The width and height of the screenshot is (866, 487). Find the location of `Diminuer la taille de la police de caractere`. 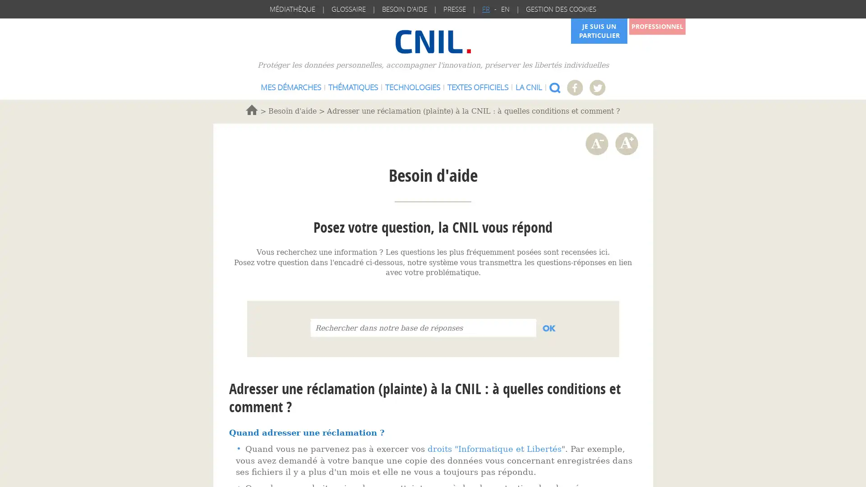

Diminuer la taille de la police de caractere is located at coordinates (596, 143).